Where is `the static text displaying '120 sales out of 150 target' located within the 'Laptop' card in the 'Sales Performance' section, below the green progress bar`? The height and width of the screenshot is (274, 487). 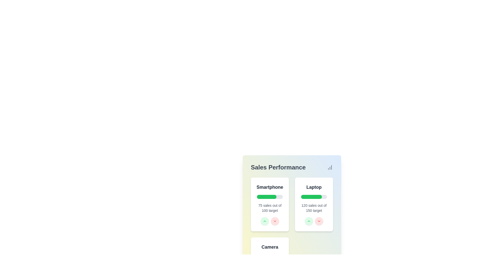 the static text displaying '120 sales out of 150 target' located within the 'Laptop' card in the 'Sales Performance' section, below the green progress bar is located at coordinates (314, 208).